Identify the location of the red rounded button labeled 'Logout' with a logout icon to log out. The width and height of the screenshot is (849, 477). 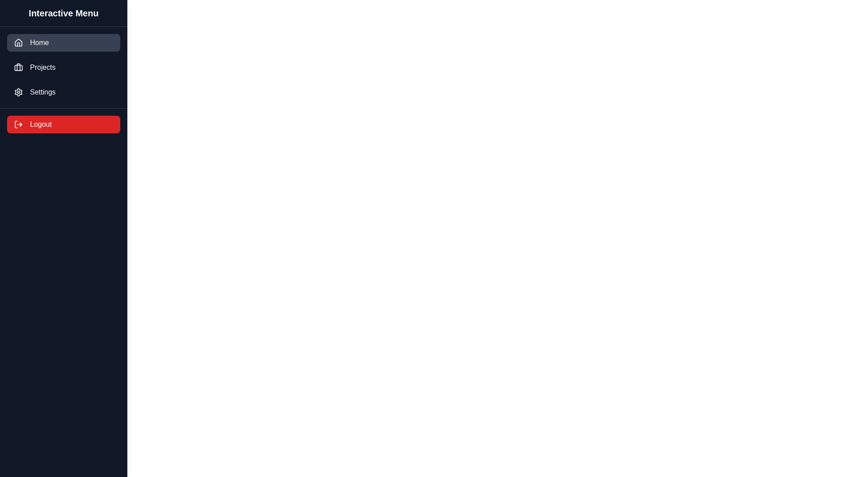
(63, 124).